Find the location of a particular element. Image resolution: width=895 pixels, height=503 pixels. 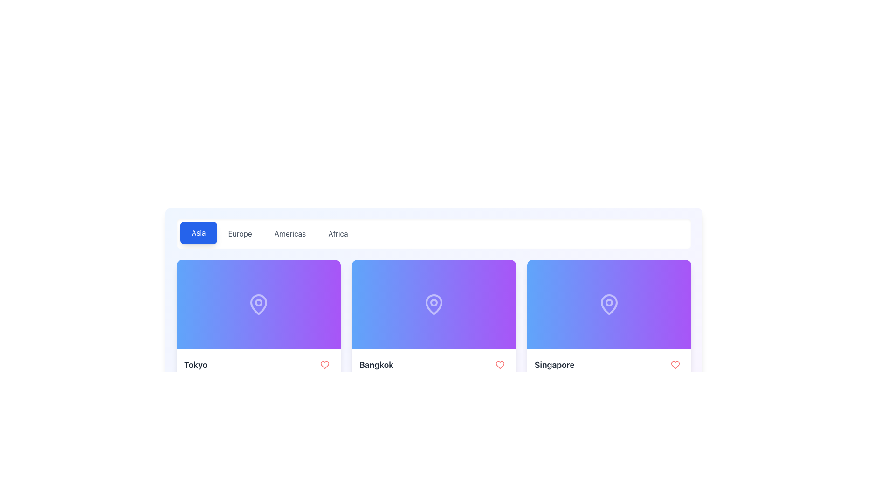

the heart icon below the 'Singapore' card in the third column of the grid layout is located at coordinates (675, 364).